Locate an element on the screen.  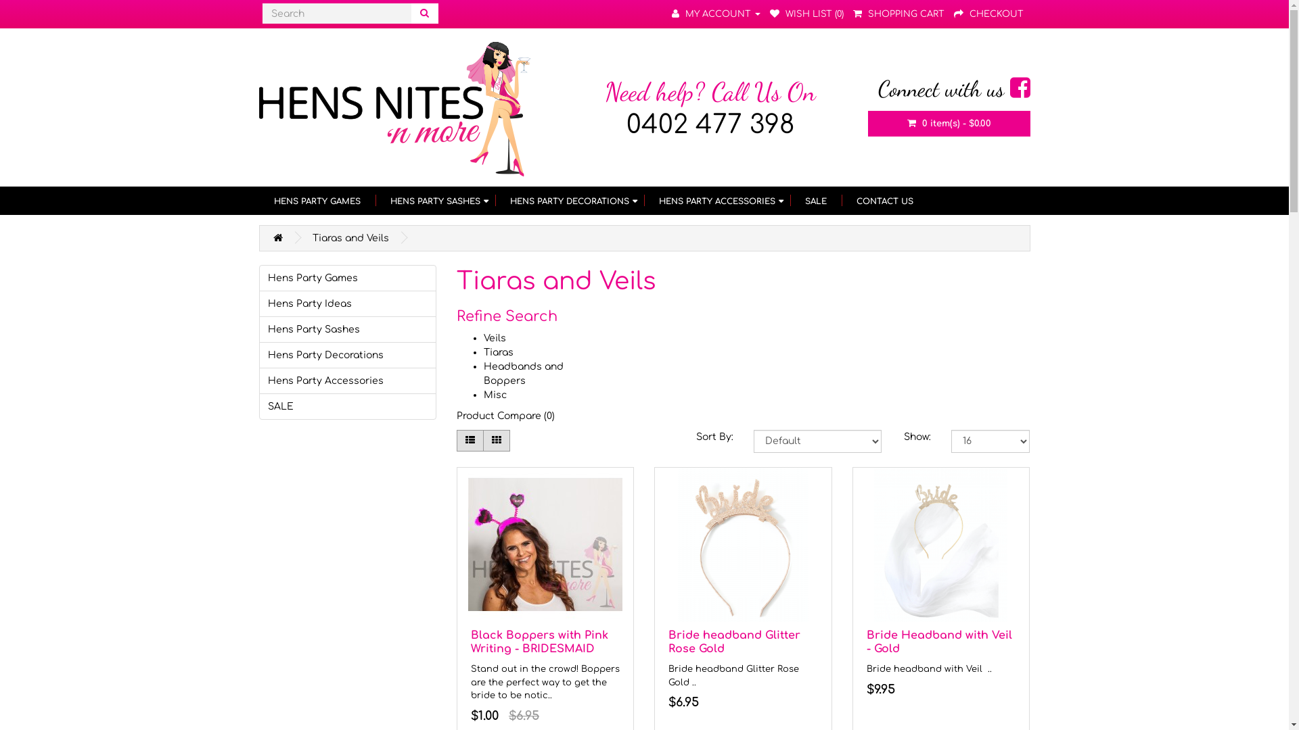
'CONTACT US' is located at coordinates (885, 201).